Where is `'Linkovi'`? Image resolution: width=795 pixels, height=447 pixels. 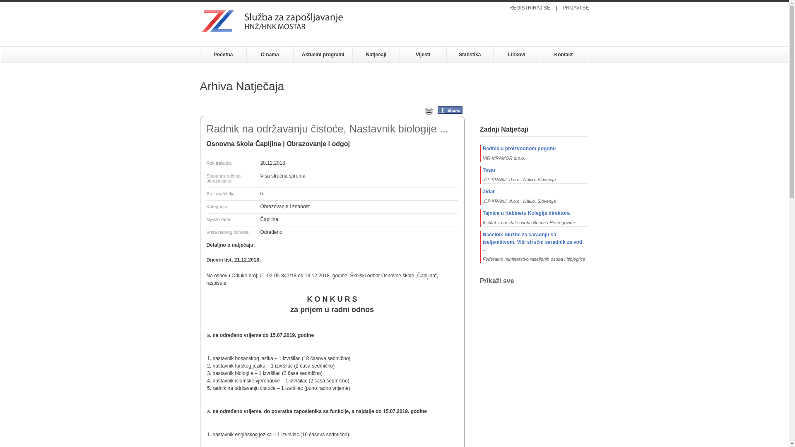 'Linkovi' is located at coordinates (516, 54).